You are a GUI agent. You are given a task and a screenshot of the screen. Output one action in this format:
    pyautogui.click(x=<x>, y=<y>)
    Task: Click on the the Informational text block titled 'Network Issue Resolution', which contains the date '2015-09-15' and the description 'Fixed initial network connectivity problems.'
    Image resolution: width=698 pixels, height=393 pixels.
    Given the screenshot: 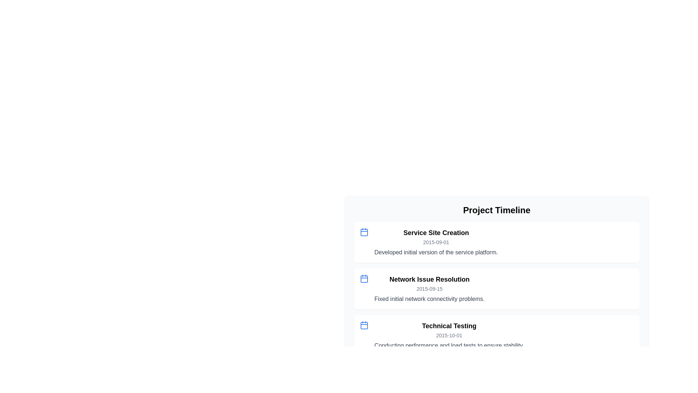 What is the action you would take?
    pyautogui.click(x=429, y=289)
    